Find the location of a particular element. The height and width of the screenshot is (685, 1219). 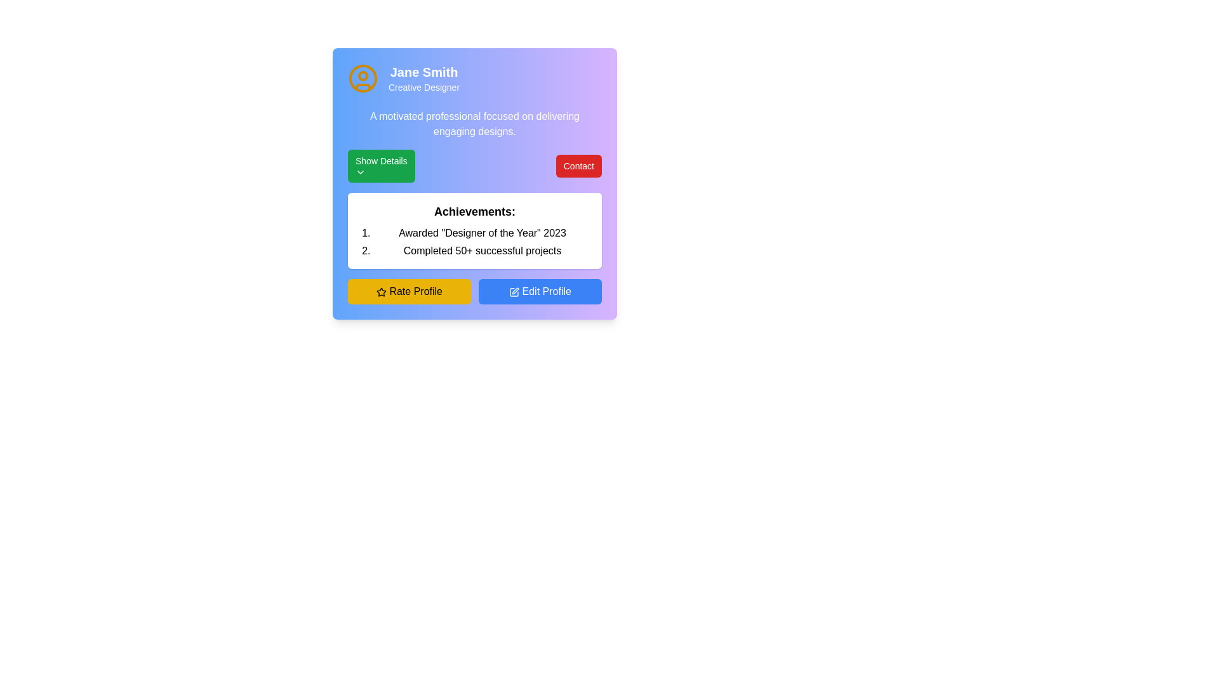

the star icon embedded in the 'Rate Profile' button located at the lower-left area of the profile card is located at coordinates (380, 292).